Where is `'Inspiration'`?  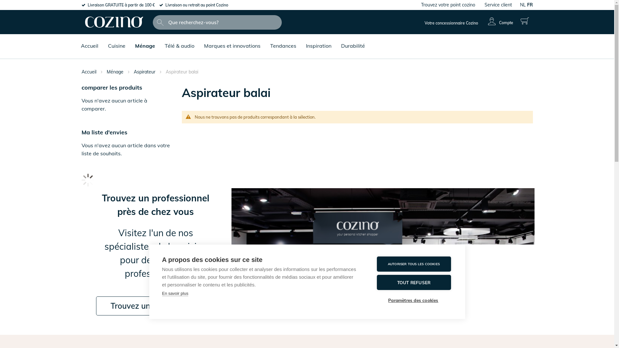 'Inspiration' is located at coordinates (318, 41).